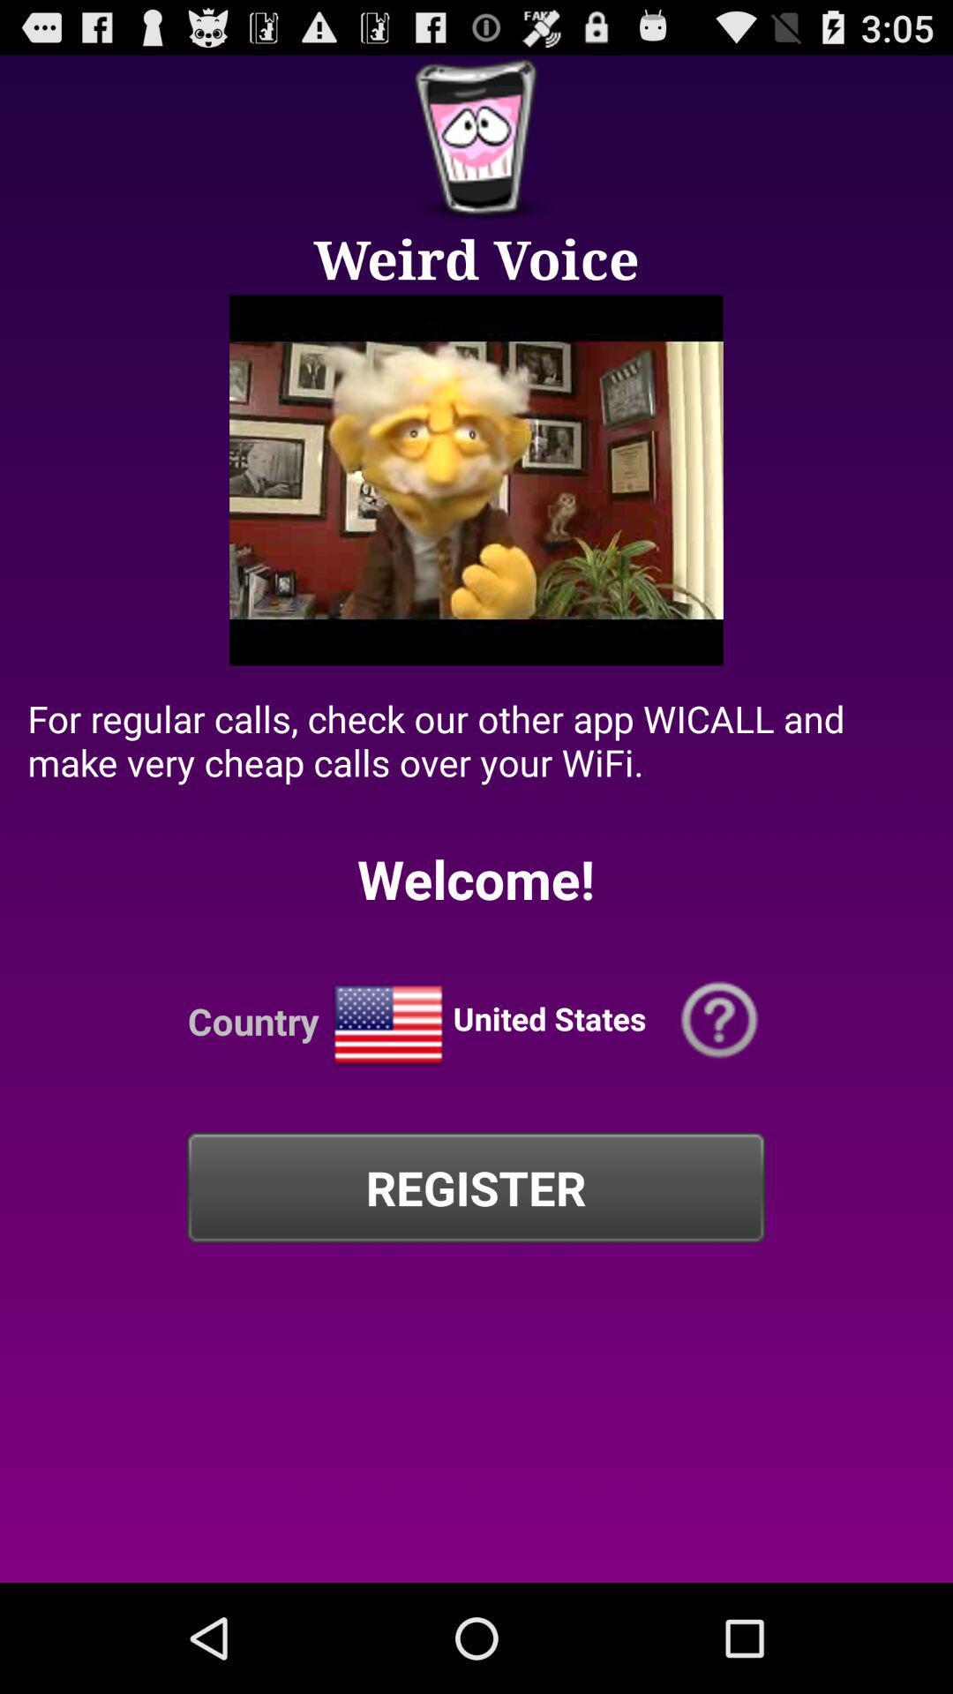 This screenshot has width=953, height=1694. Describe the element at coordinates (387, 1097) in the screenshot. I see `the national_flag icon` at that location.